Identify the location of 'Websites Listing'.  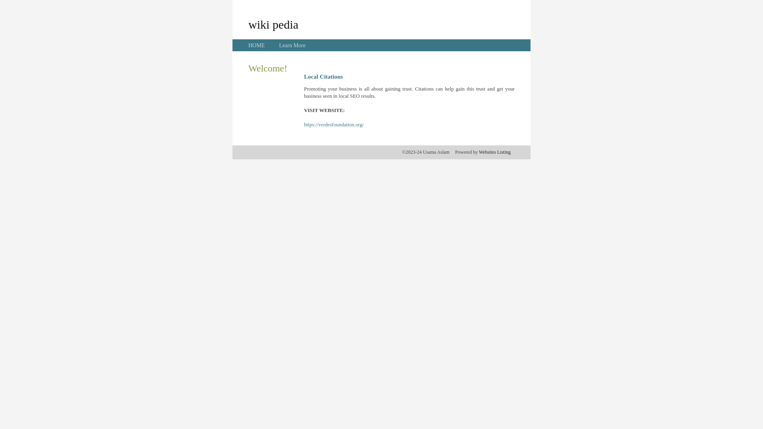
(478, 152).